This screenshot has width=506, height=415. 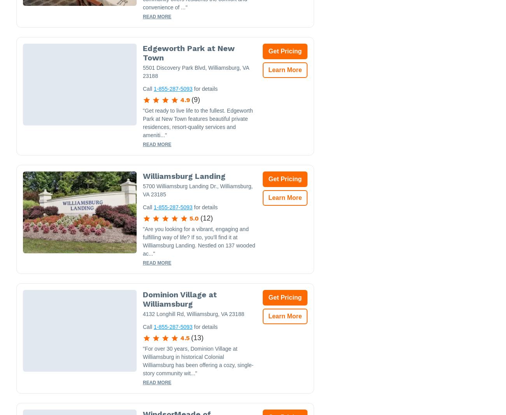 What do you see at coordinates (207, 218) in the screenshot?
I see `'12'` at bounding box center [207, 218].